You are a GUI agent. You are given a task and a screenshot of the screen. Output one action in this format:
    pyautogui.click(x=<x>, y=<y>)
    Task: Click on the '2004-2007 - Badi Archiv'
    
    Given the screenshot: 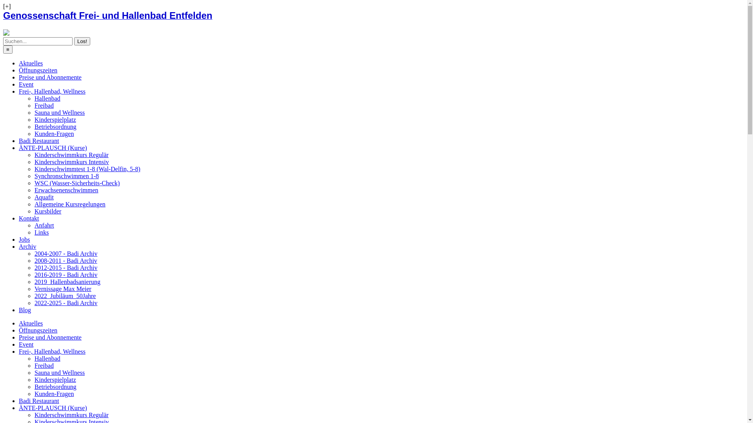 What is the action you would take?
    pyautogui.click(x=34, y=253)
    